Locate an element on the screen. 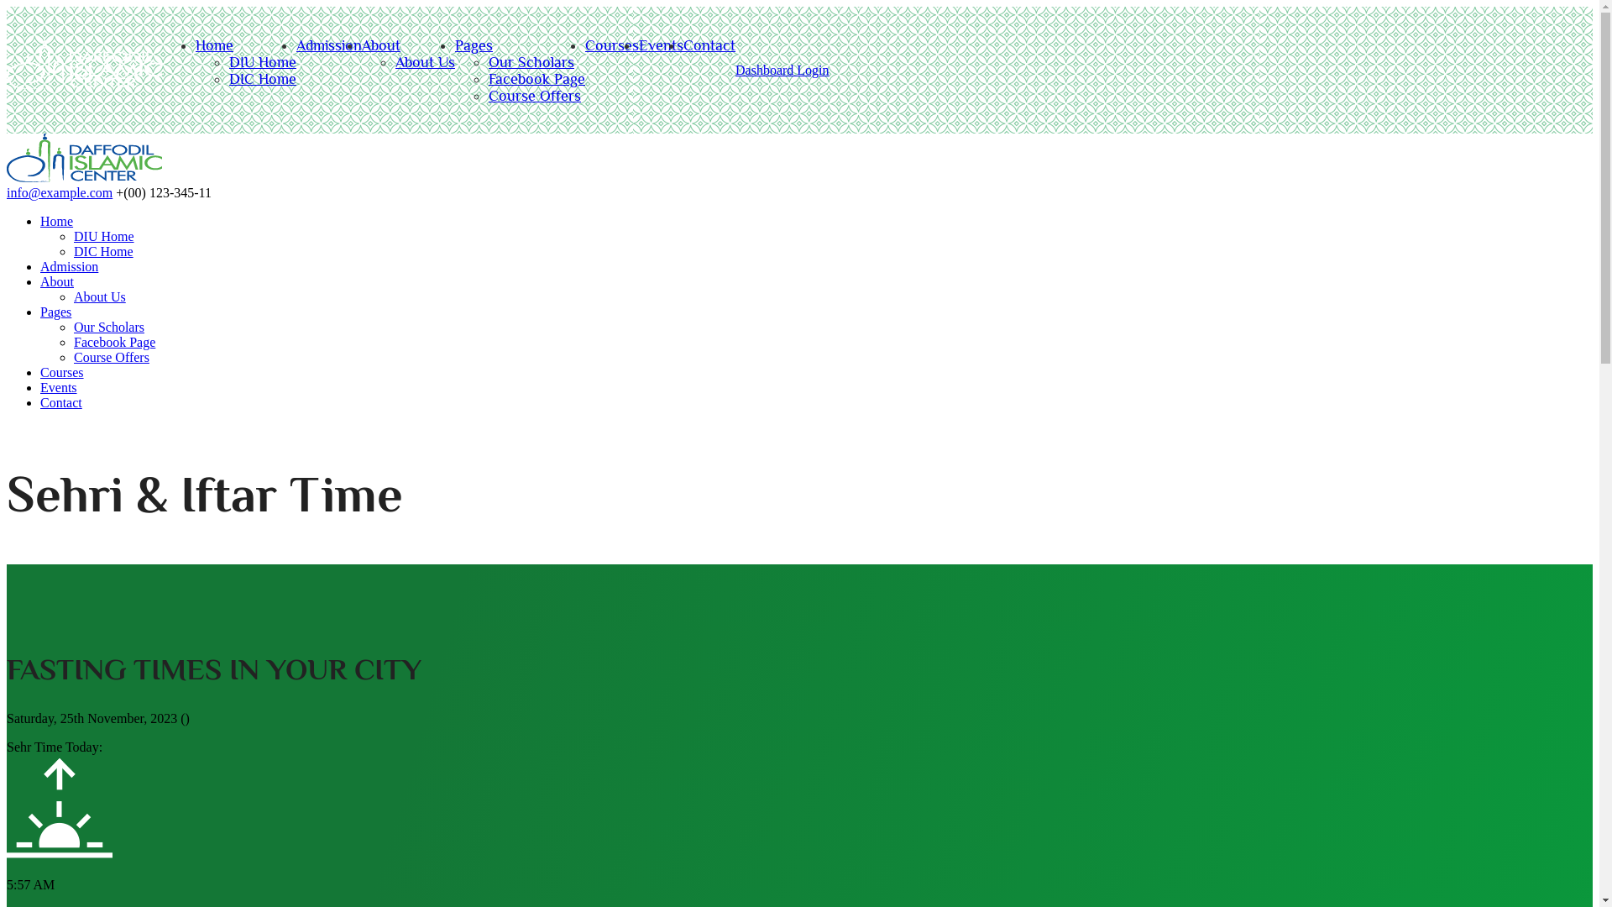 The height and width of the screenshot is (907, 1612). 'Our Scholars' is located at coordinates (107, 327).